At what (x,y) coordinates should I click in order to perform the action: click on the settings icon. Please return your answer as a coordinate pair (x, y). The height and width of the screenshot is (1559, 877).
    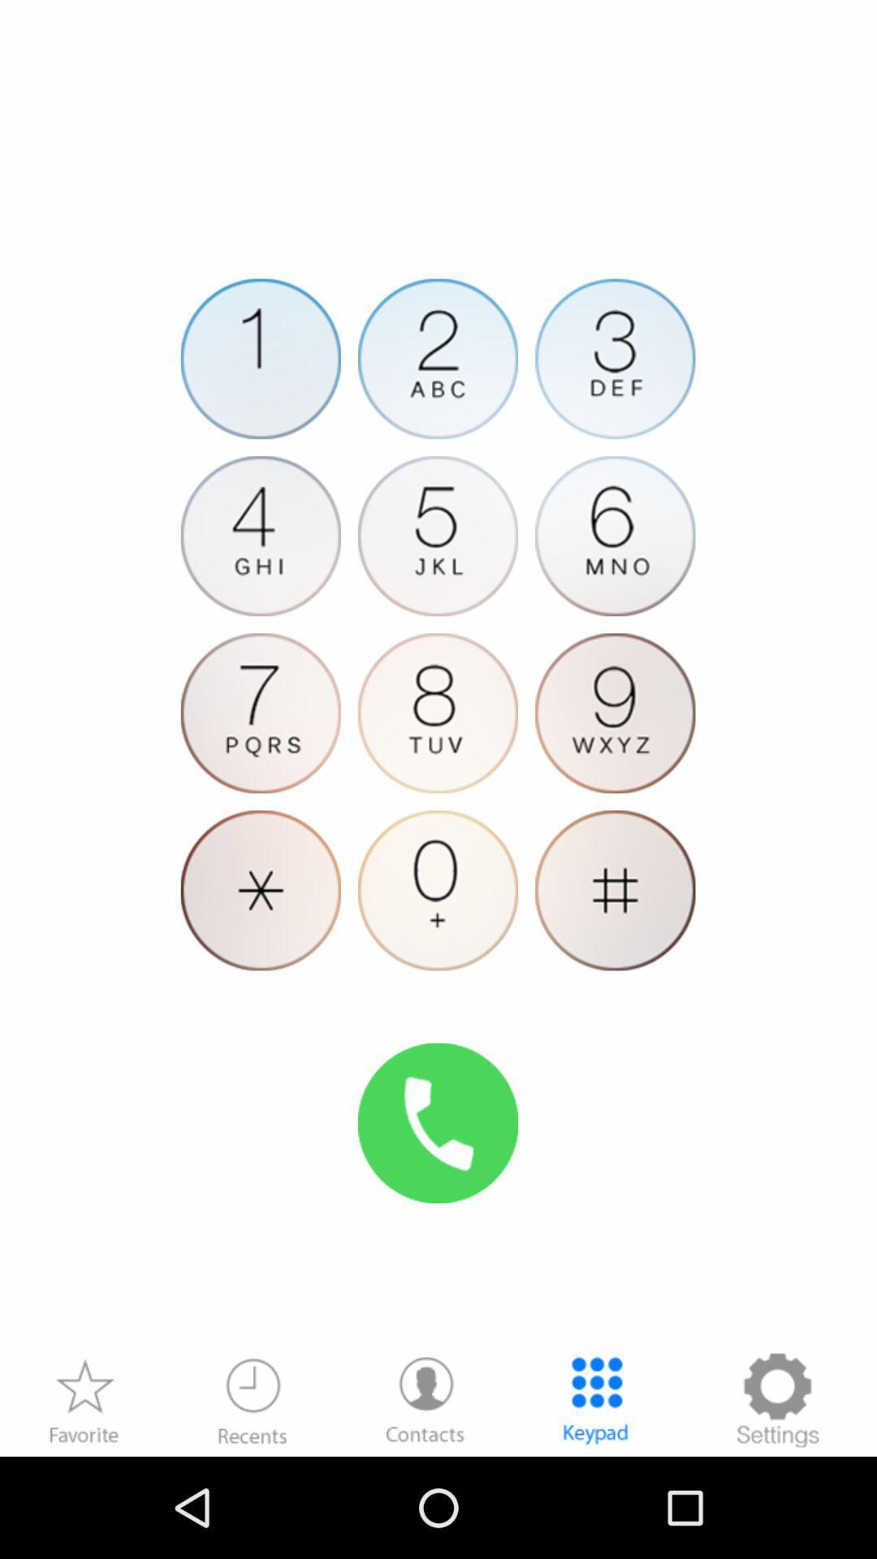
    Looking at the image, I should click on (776, 1497).